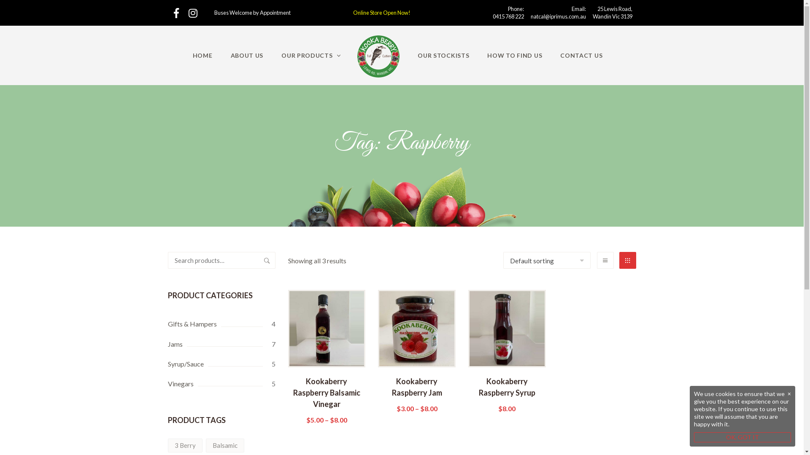 This screenshot has width=810, height=455. Describe the element at coordinates (173, 13) in the screenshot. I see `'Facebook'` at that location.